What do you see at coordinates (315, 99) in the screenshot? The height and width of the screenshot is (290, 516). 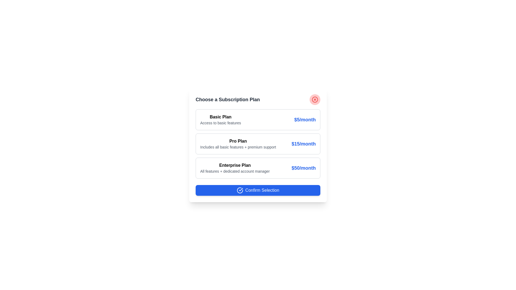 I see `the close button to close the dialog` at bounding box center [315, 99].